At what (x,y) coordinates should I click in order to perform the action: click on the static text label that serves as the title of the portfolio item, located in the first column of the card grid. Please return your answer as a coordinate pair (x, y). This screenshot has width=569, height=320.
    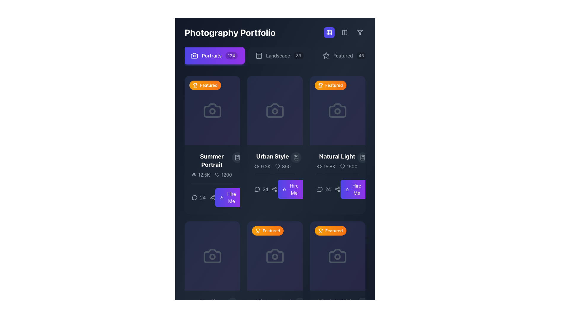
    Looking at the image, I should click on (212, 161).